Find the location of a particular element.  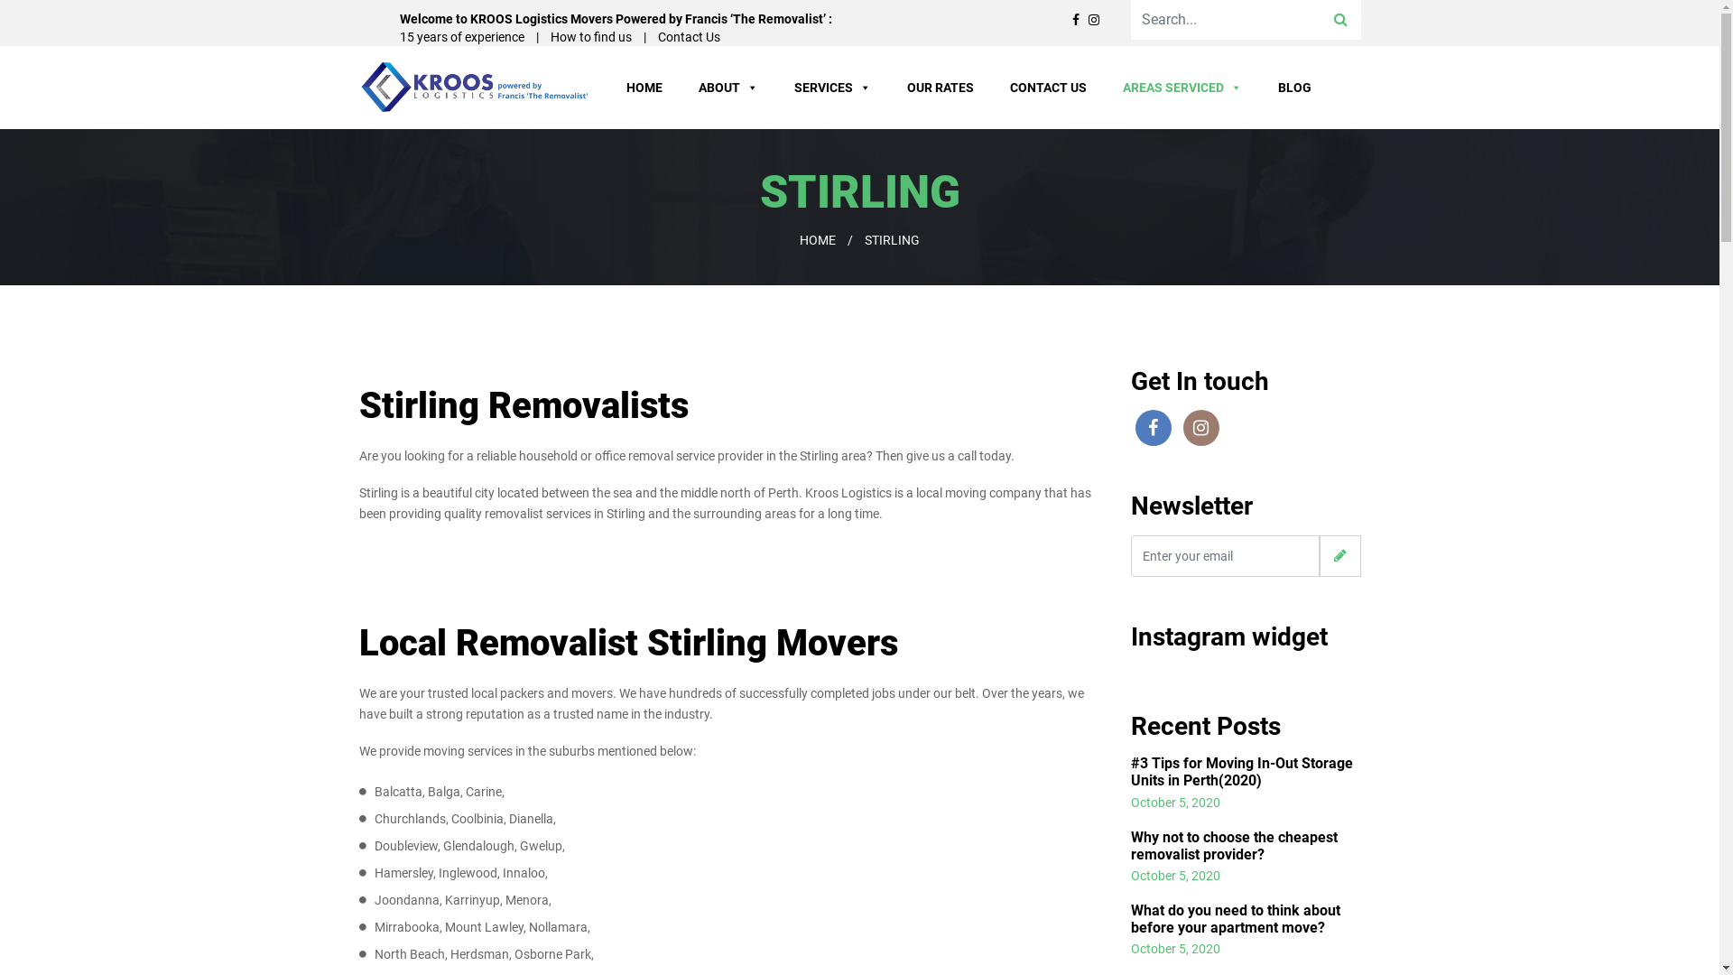

'BLOG' is located at coordinates (1293, 87).